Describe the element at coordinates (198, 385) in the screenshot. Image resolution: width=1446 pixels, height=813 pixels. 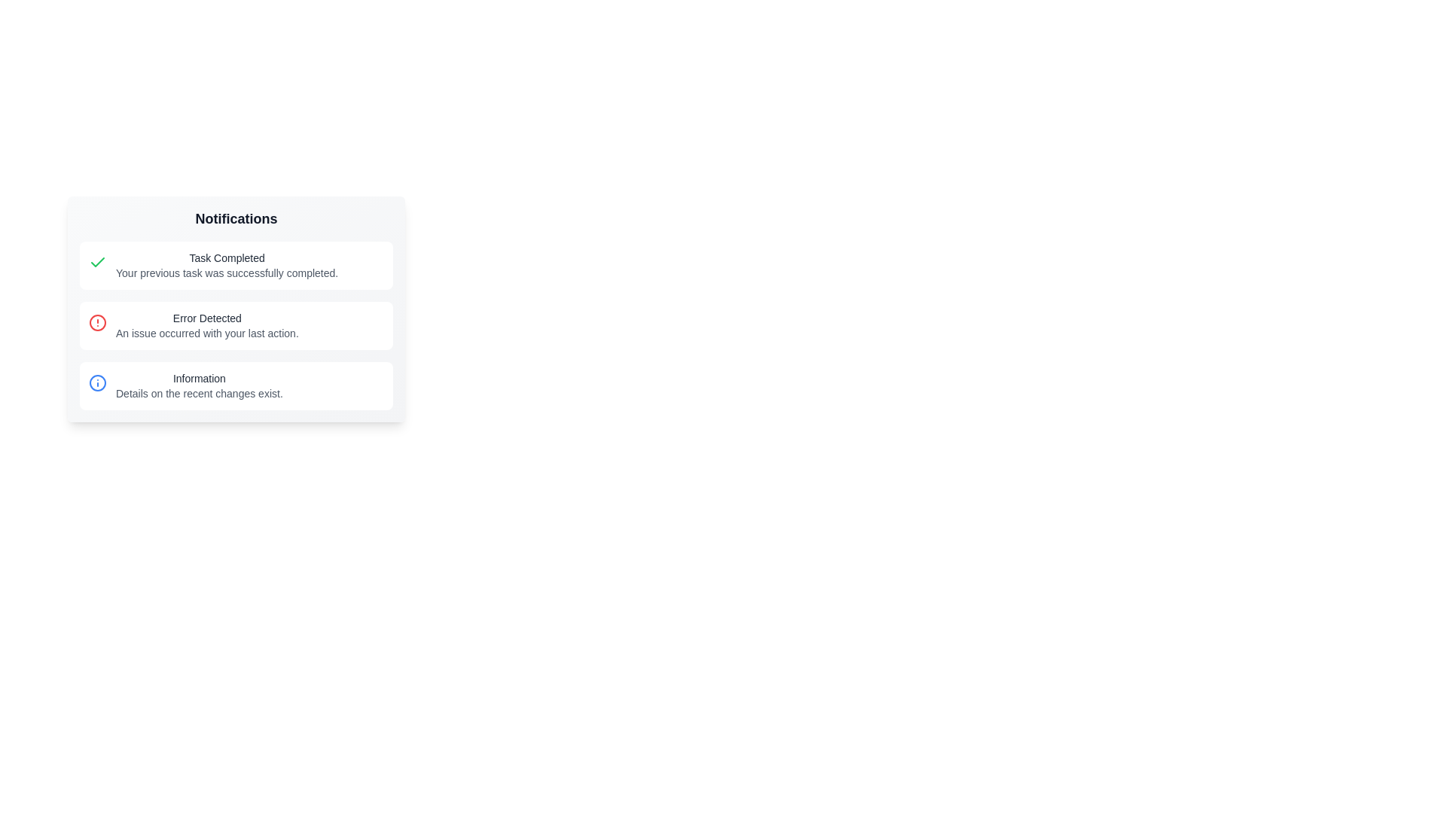
I see `the Text Block element containing the header 'Information' and the description 'Details on the recent changes exist.', which is located under the 'Error Detected' notification` at that location.